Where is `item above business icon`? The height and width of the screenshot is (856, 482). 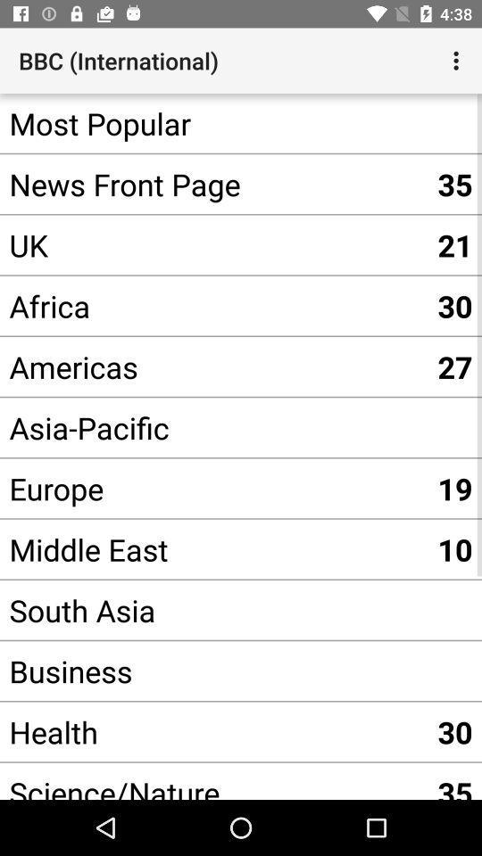 item above business icon is located at coordinates (213, 610).